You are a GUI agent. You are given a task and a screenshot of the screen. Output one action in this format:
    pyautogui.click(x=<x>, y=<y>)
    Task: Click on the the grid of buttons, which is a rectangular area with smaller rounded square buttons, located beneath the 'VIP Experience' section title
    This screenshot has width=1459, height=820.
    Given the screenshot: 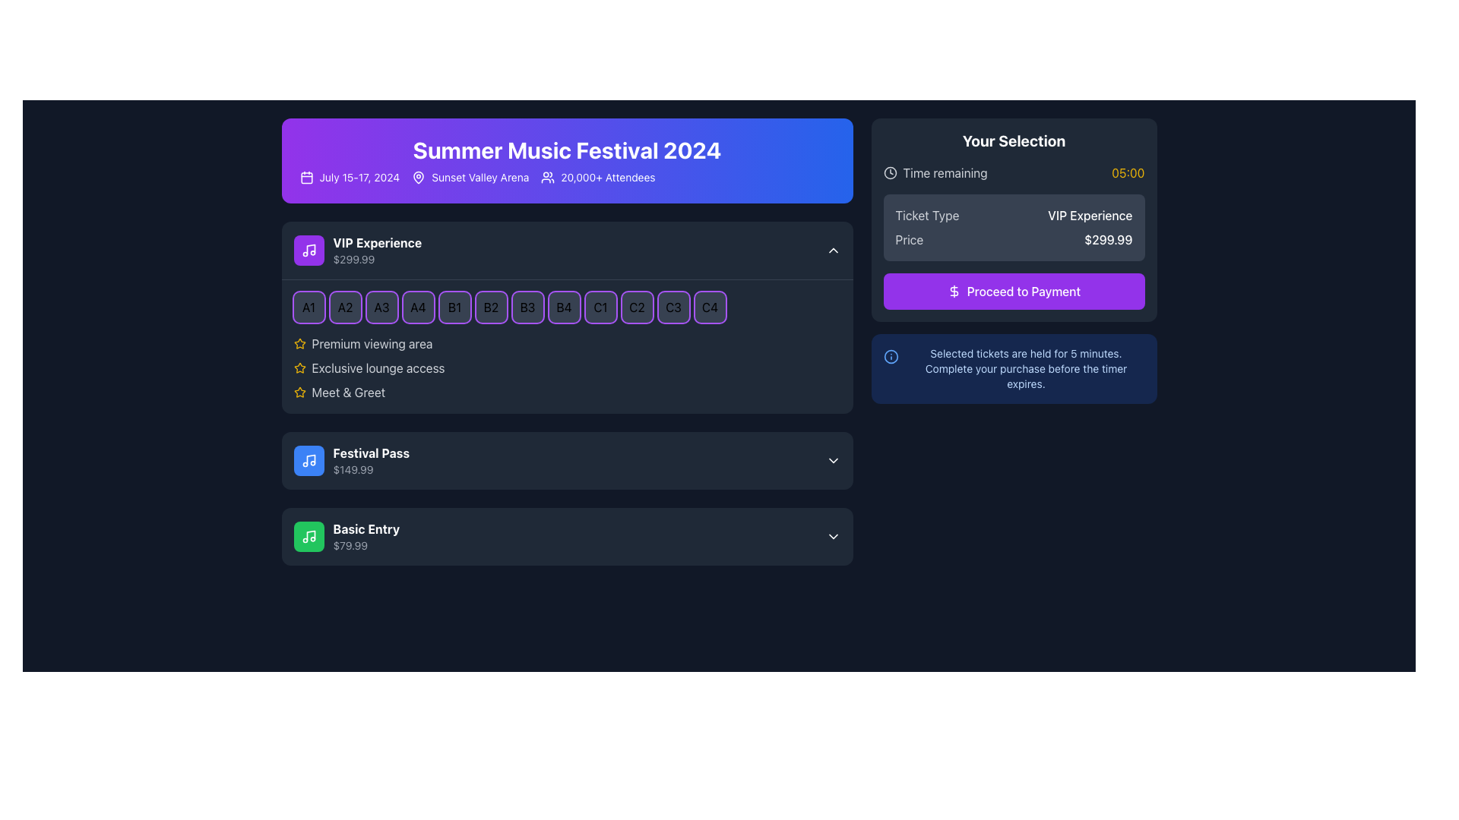 What is the action you would take?
    pyautogui.click(x=566, y=307)
    